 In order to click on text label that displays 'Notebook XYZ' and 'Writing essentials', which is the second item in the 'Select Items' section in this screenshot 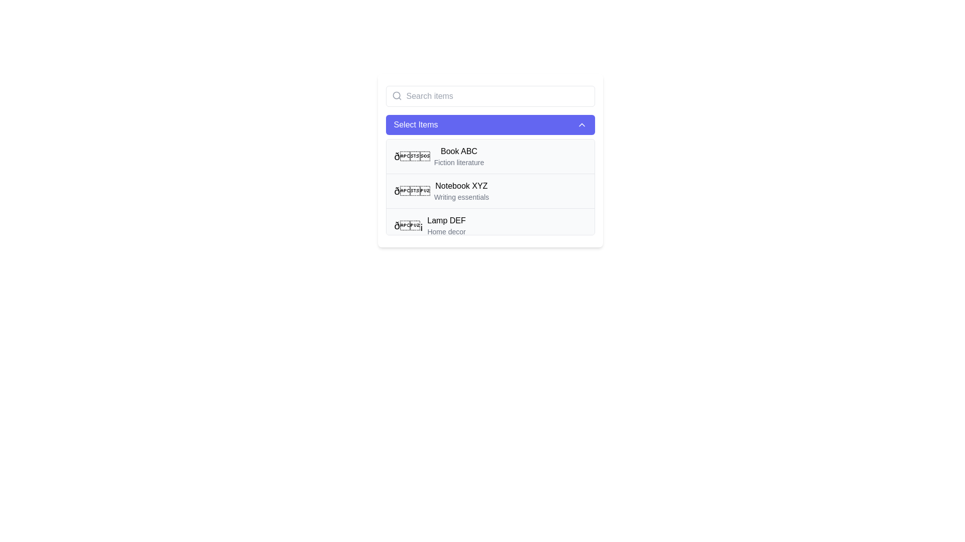, I will do `click(461, 191)`.